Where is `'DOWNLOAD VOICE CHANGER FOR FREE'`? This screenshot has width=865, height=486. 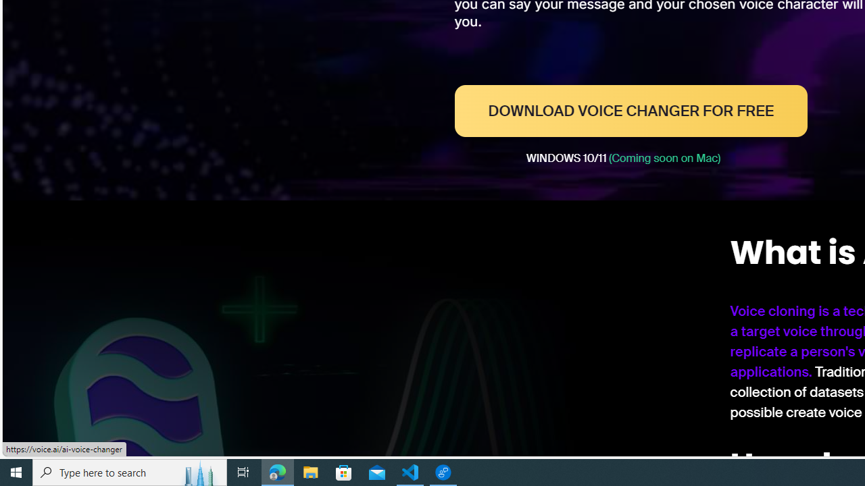
'DOWNLOAD VOICE CHANGER FOR FREE' is located at coordinates (630, 110).